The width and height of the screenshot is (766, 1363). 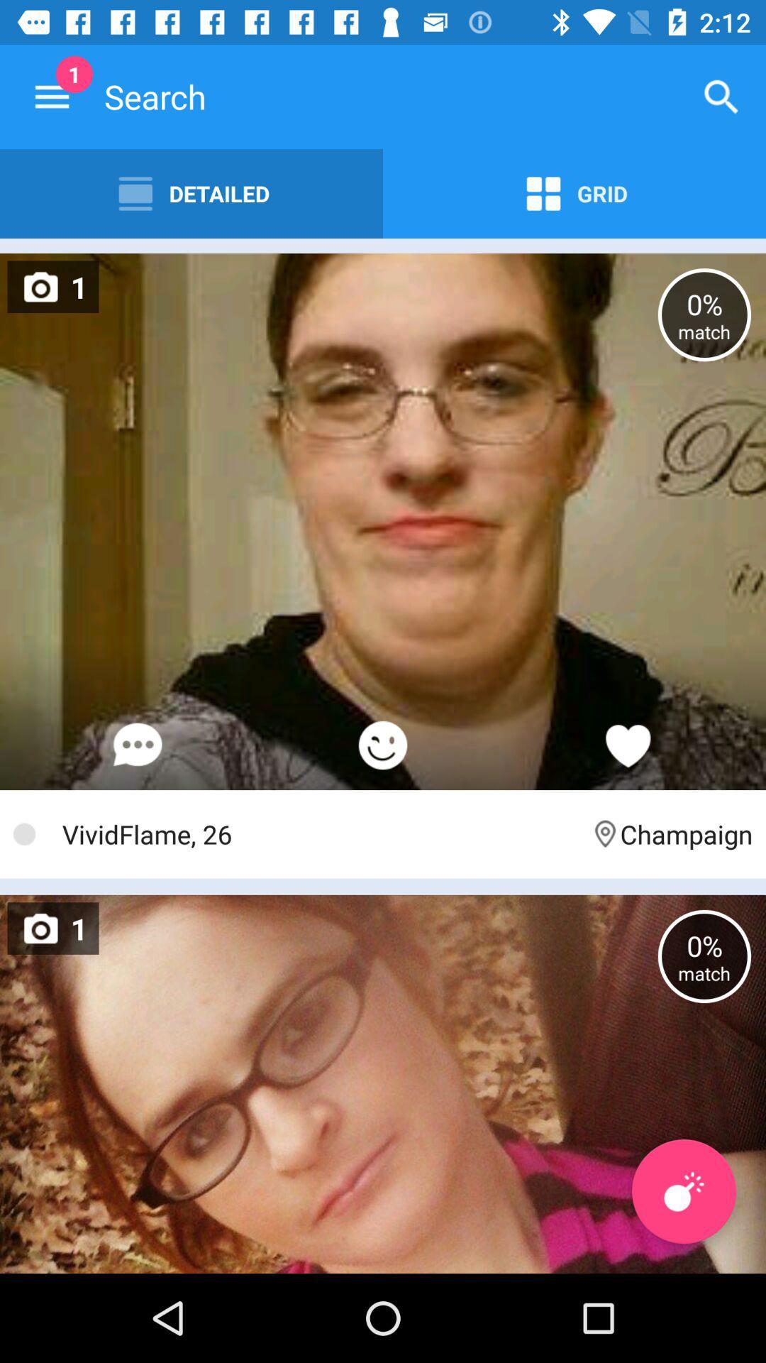 I want to click on the icon below 0%, so click(x=683, y=1191).